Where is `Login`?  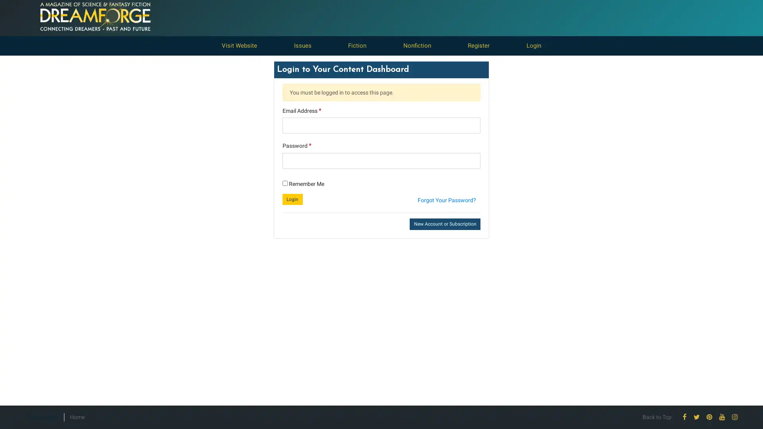 Login is located at coordinates (292, 199).